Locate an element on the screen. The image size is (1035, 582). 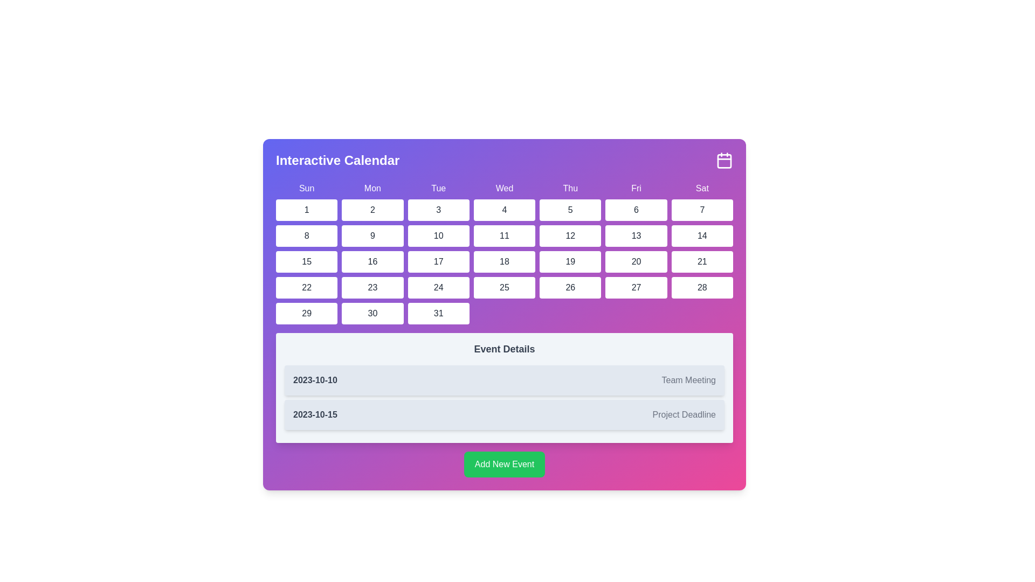
the selectable calendar day button for 'Wednesday' to change its background color is located at coordinates (504, 262).